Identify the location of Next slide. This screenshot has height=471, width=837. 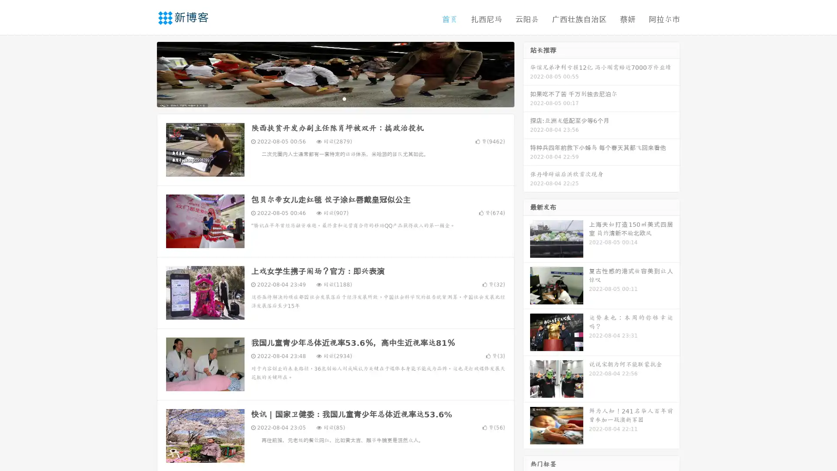
(527, 73).